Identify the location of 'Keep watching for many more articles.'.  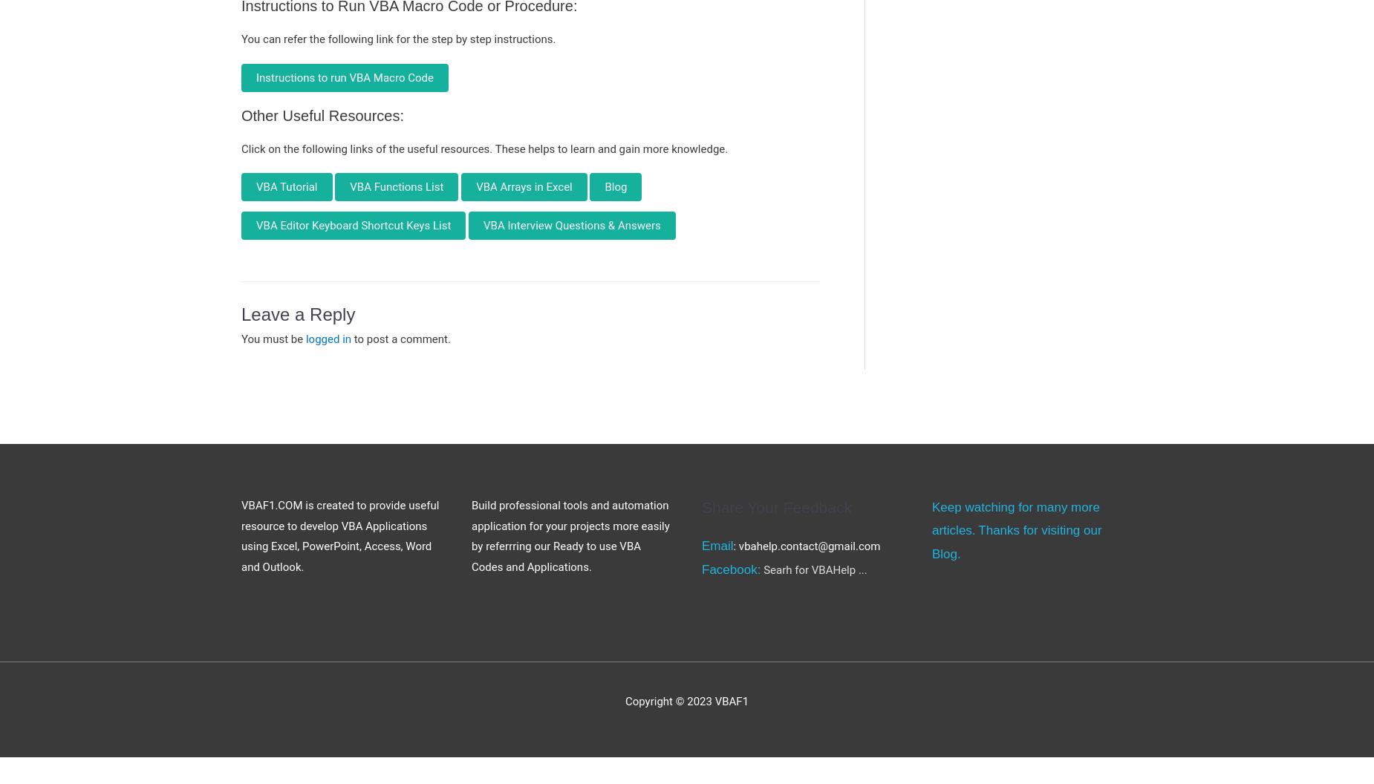
(1015, 518).